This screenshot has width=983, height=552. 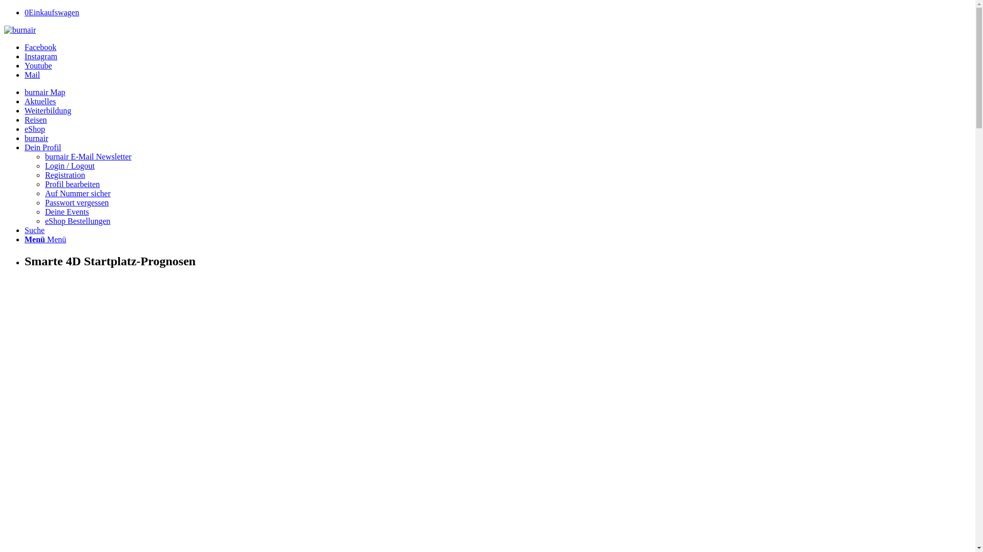 What do you see at coordinates (44, 202) in the screenshot?
I see `'Passwort vergessen'` at bounding box center [44, 202].